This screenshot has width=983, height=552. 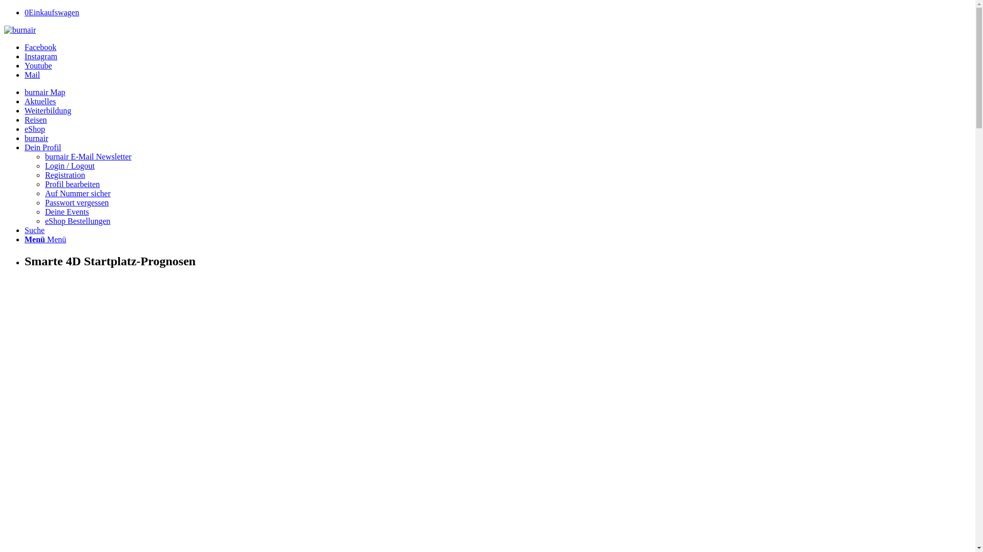 What do you see at coordinates (44, 202) in the screenshot?
I see `'Passwort vergessen'` at bounding box center [44, 202].